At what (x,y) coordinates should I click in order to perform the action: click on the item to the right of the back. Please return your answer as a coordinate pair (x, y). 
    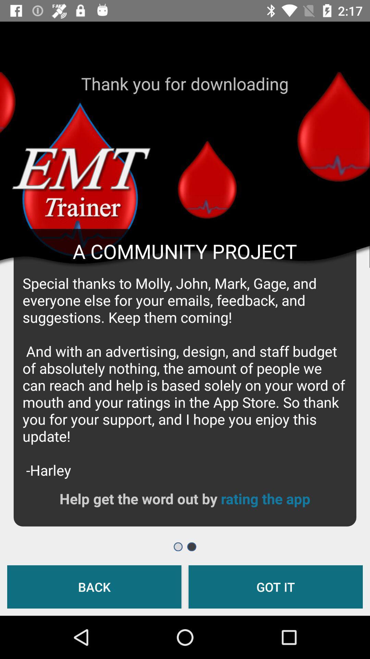
    Looking at the image, I should click on (275, 586).